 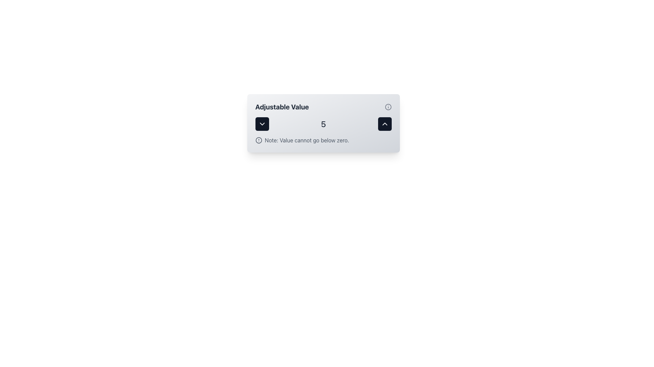 I want to click on the Text Label that displays the current numeric value in an adjustable control, positioned centrally between the increment and decrement buttons, so click(x=323, y=124).